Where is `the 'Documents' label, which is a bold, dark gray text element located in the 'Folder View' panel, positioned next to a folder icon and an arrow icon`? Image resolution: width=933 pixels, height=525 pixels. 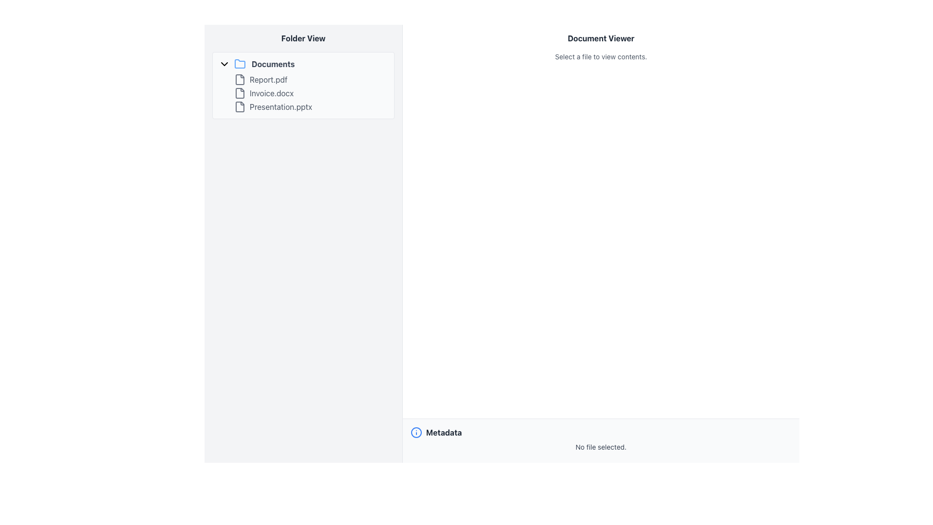
the 'Documents' label, which is a bold, dark gray text element located in the 'Folder View' panel, positioned next to a folder icon and an arrow icon is located at coordinates (273, 64).